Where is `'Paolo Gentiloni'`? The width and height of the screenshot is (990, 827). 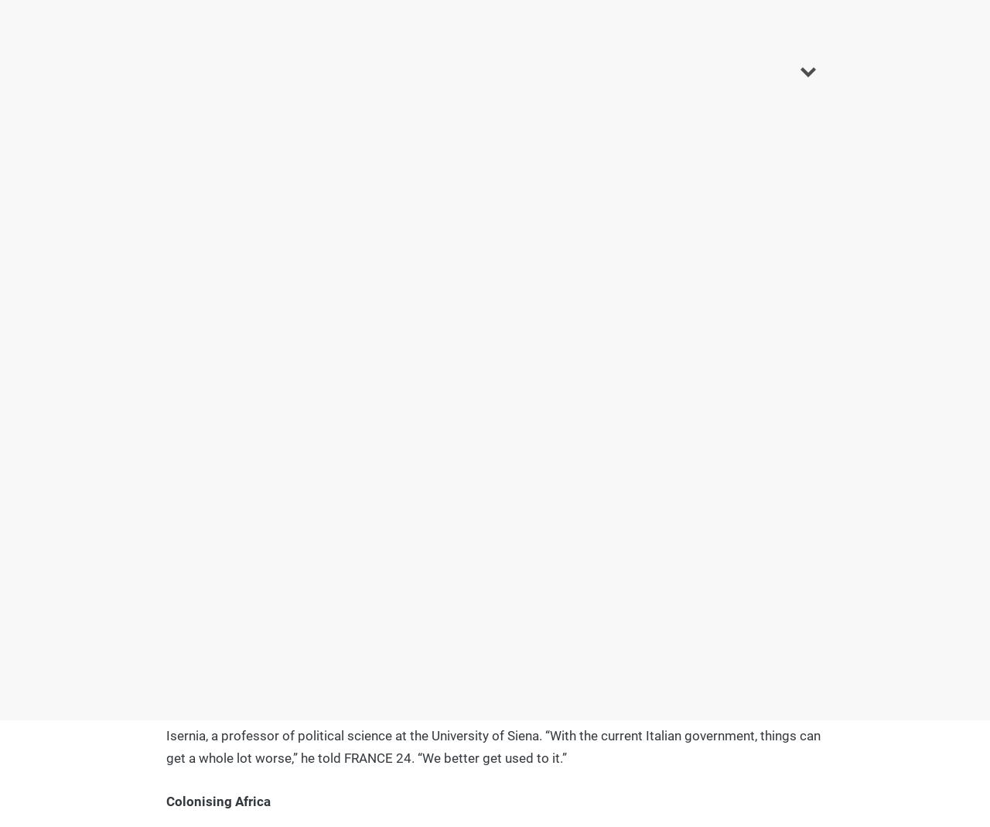
'Paolo Gentiloni' is located at coordinates (218, 378).